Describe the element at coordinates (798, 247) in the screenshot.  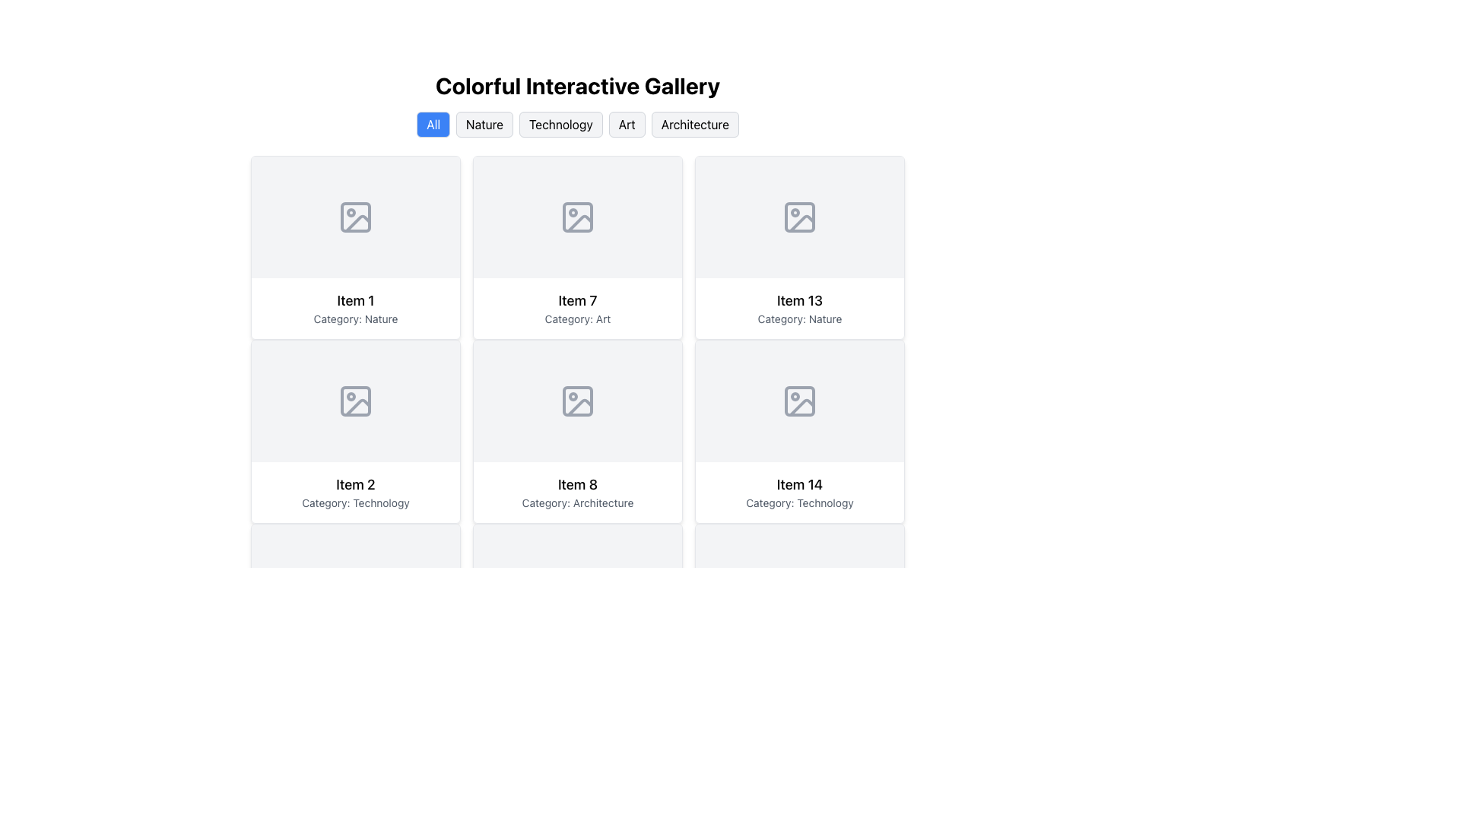
I see `the semi-transparent interactive overlay that covers the panel labeled 'Item 13, Category: Nature' to trigger its visibility` at that location.